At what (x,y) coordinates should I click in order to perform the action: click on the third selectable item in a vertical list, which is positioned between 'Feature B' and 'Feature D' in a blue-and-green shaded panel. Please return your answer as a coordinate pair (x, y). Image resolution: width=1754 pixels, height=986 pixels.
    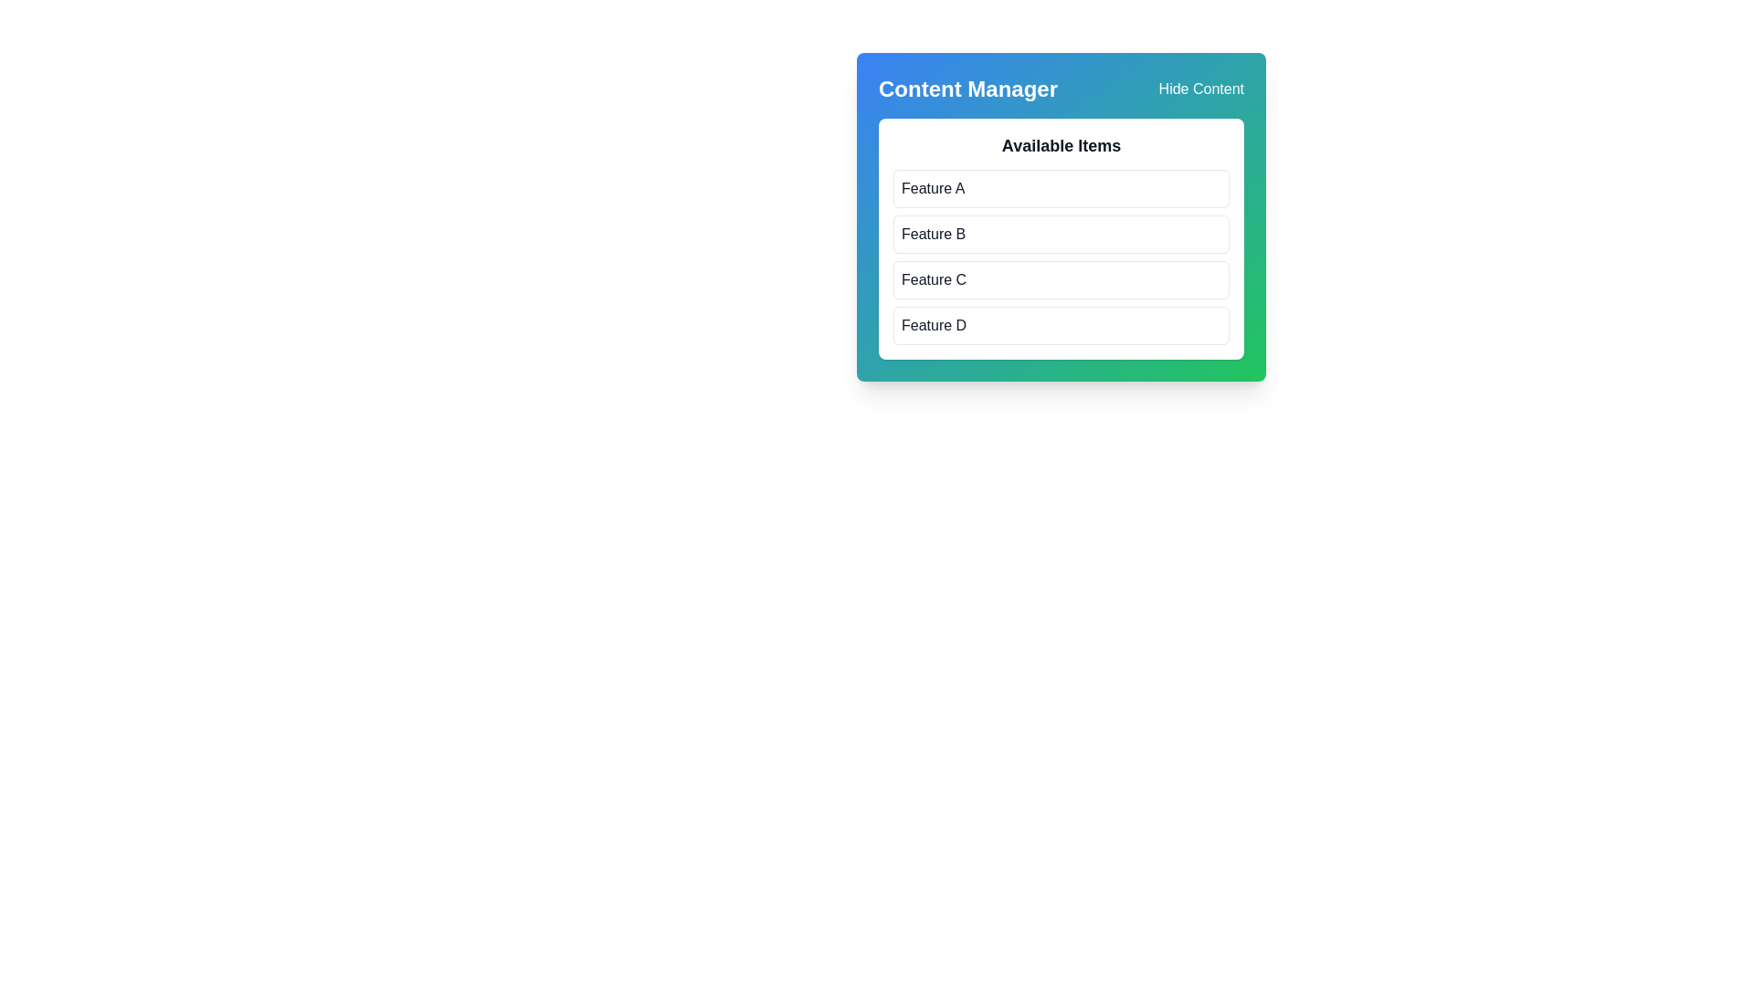
    Looking at the image, I should click on (1061, 280).